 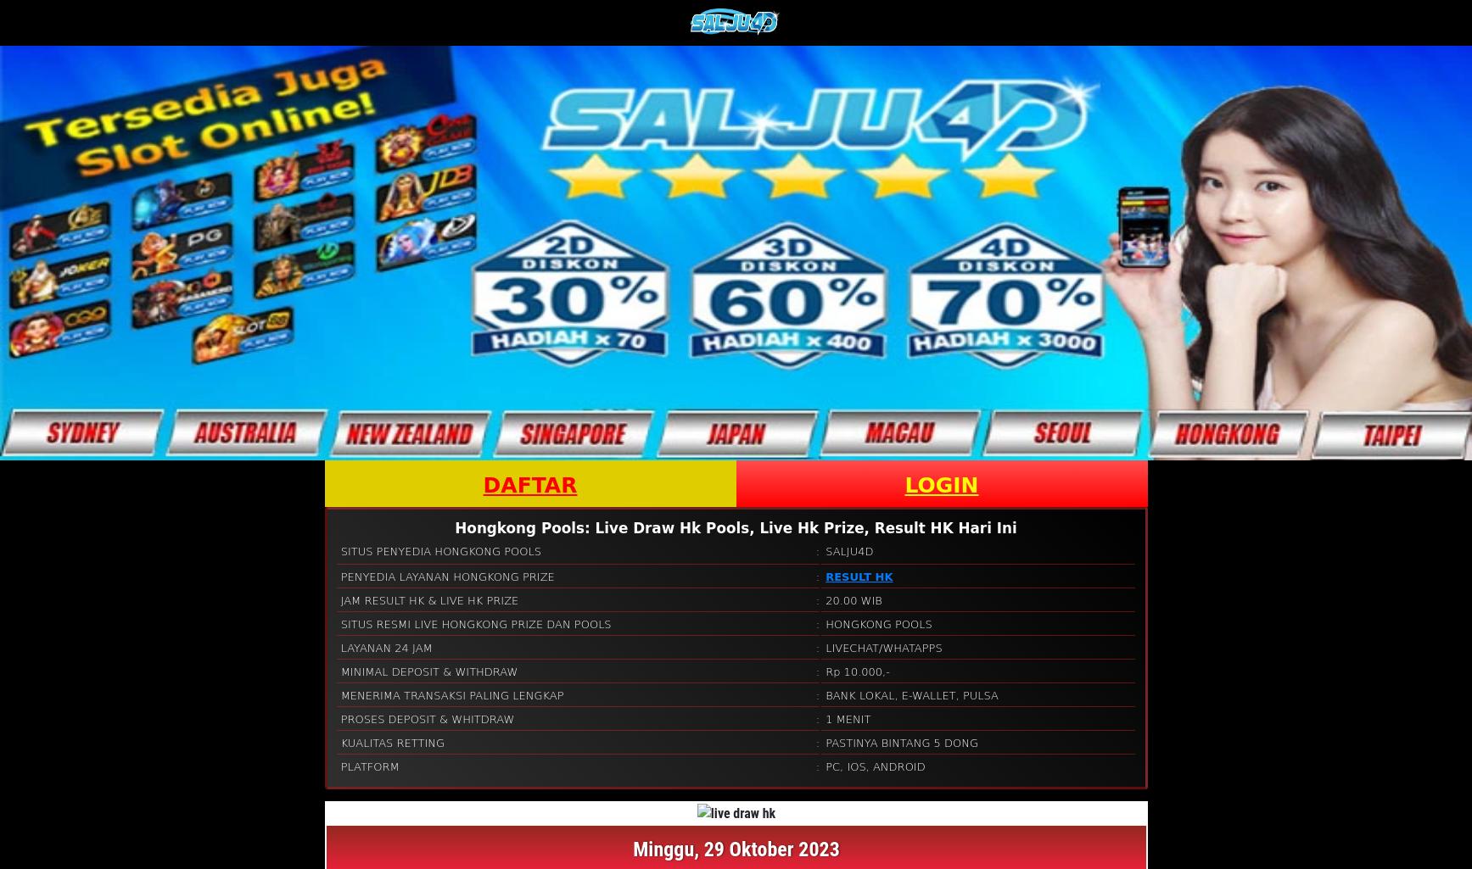 I want to click on 'SITUS PENYEDIA HONGKONG POOLS', so click(x=439, y=549).